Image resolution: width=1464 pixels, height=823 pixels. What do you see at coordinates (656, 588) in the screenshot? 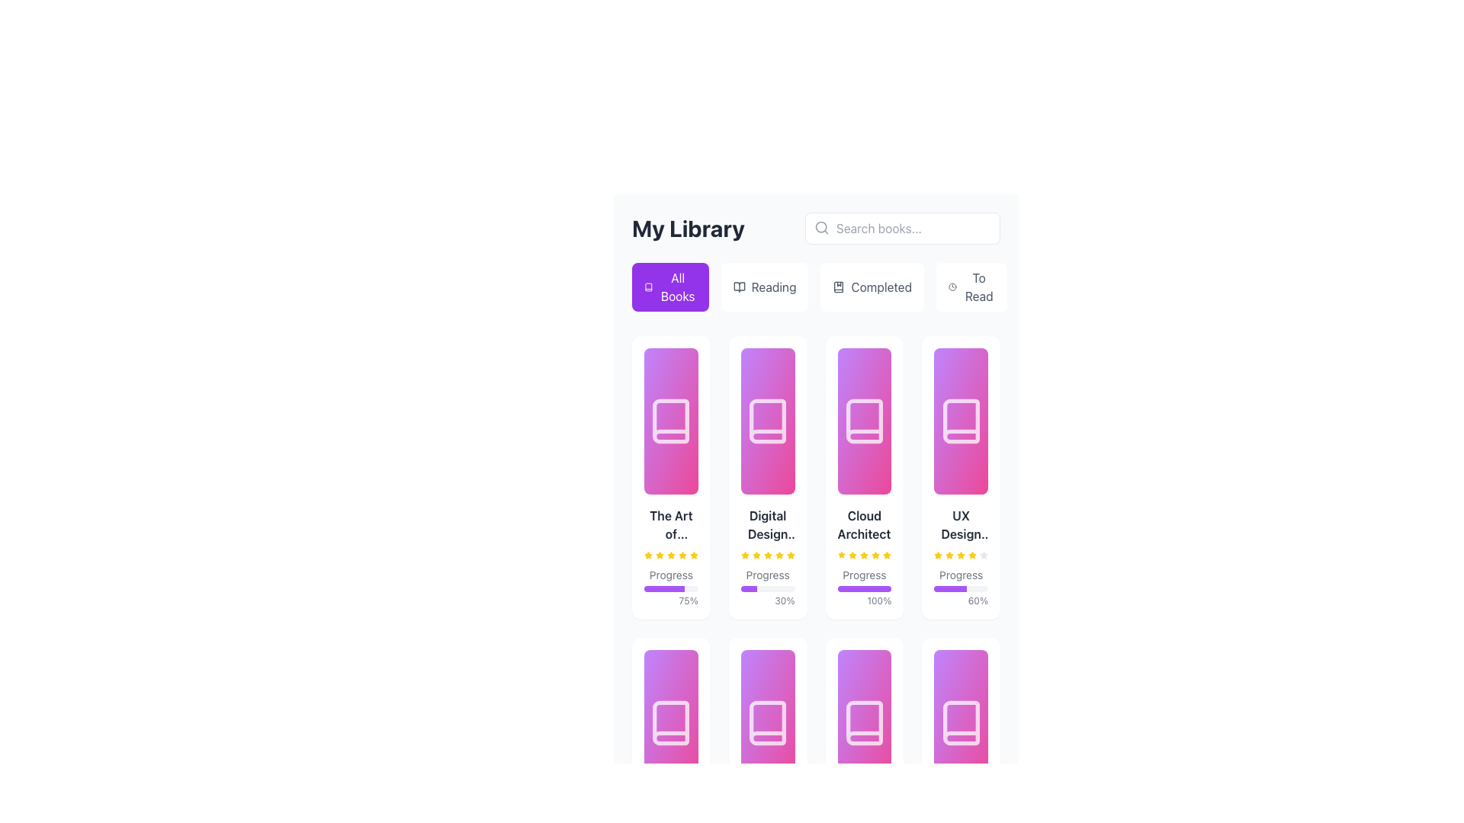
I see `progress bar` at bounding box center [656, 588].